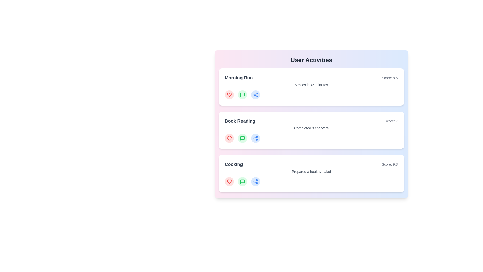 The width and height of the screenshot is (483, 272). I want to click on 'comment' button on the activity card for Morning Run, so click(242, 95).